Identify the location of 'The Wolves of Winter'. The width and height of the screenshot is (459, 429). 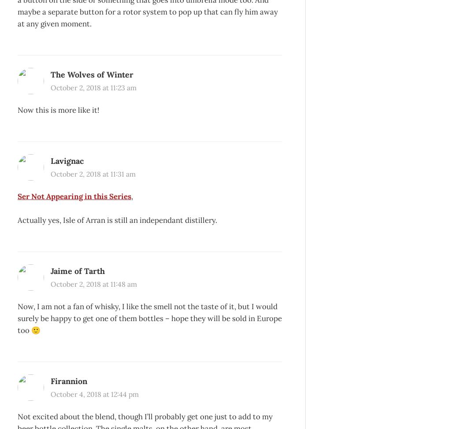
(51, 74).